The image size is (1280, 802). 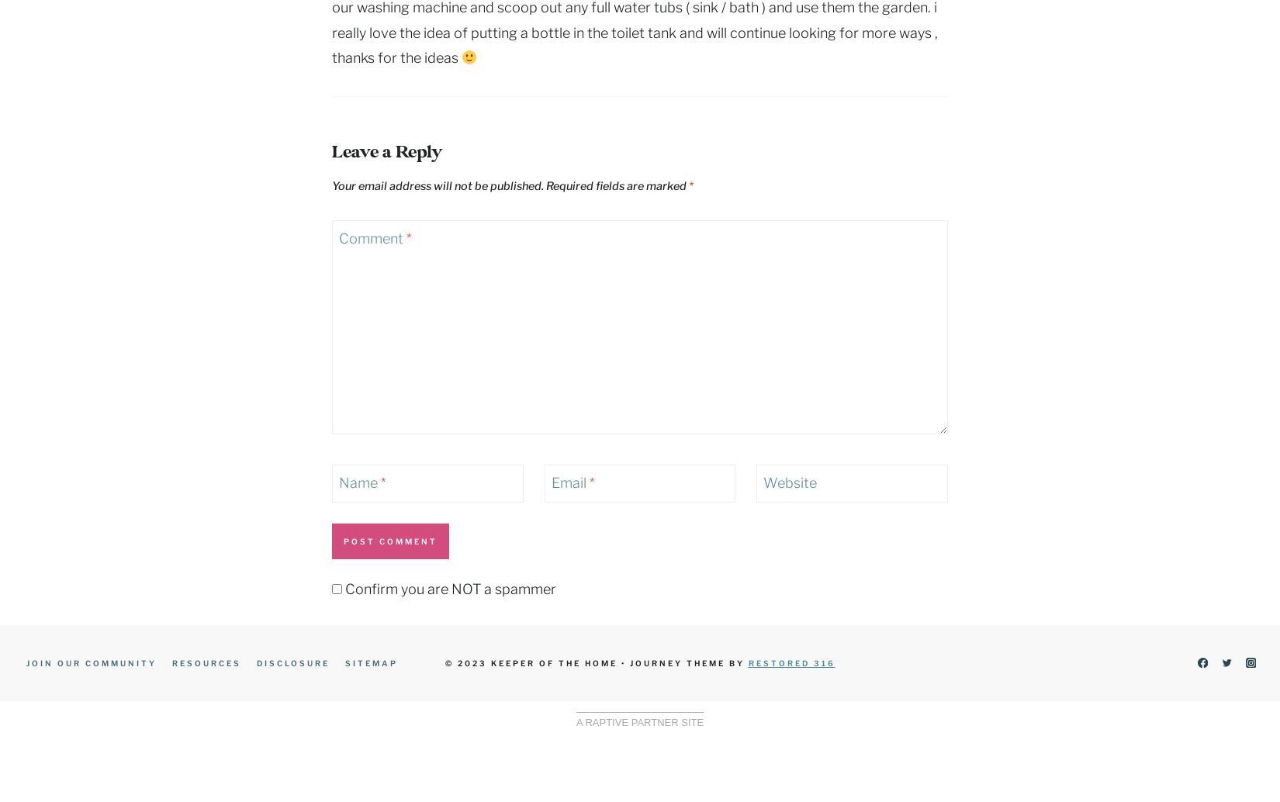 What do you see at coordinates (337, 482) in the screenshot?
I see `'Name'` at bounding box center [337, 482].